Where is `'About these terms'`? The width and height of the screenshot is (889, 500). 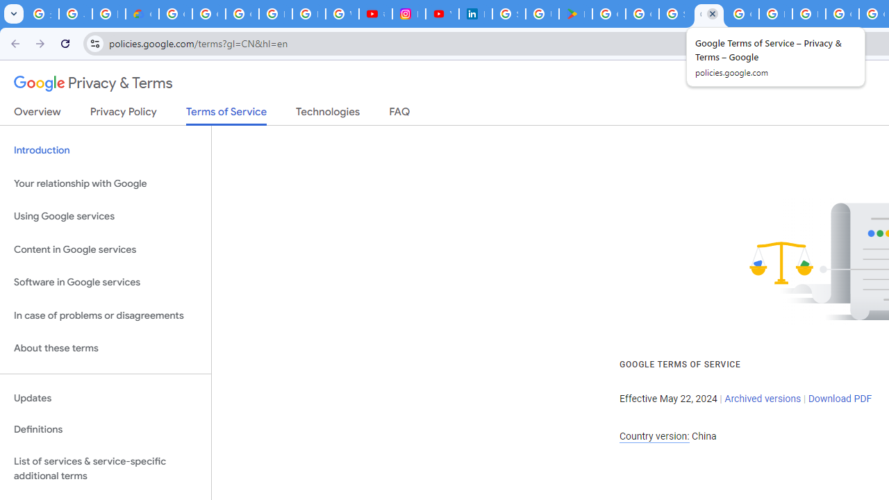 'About these terms' is located at coordinates (105, 348).